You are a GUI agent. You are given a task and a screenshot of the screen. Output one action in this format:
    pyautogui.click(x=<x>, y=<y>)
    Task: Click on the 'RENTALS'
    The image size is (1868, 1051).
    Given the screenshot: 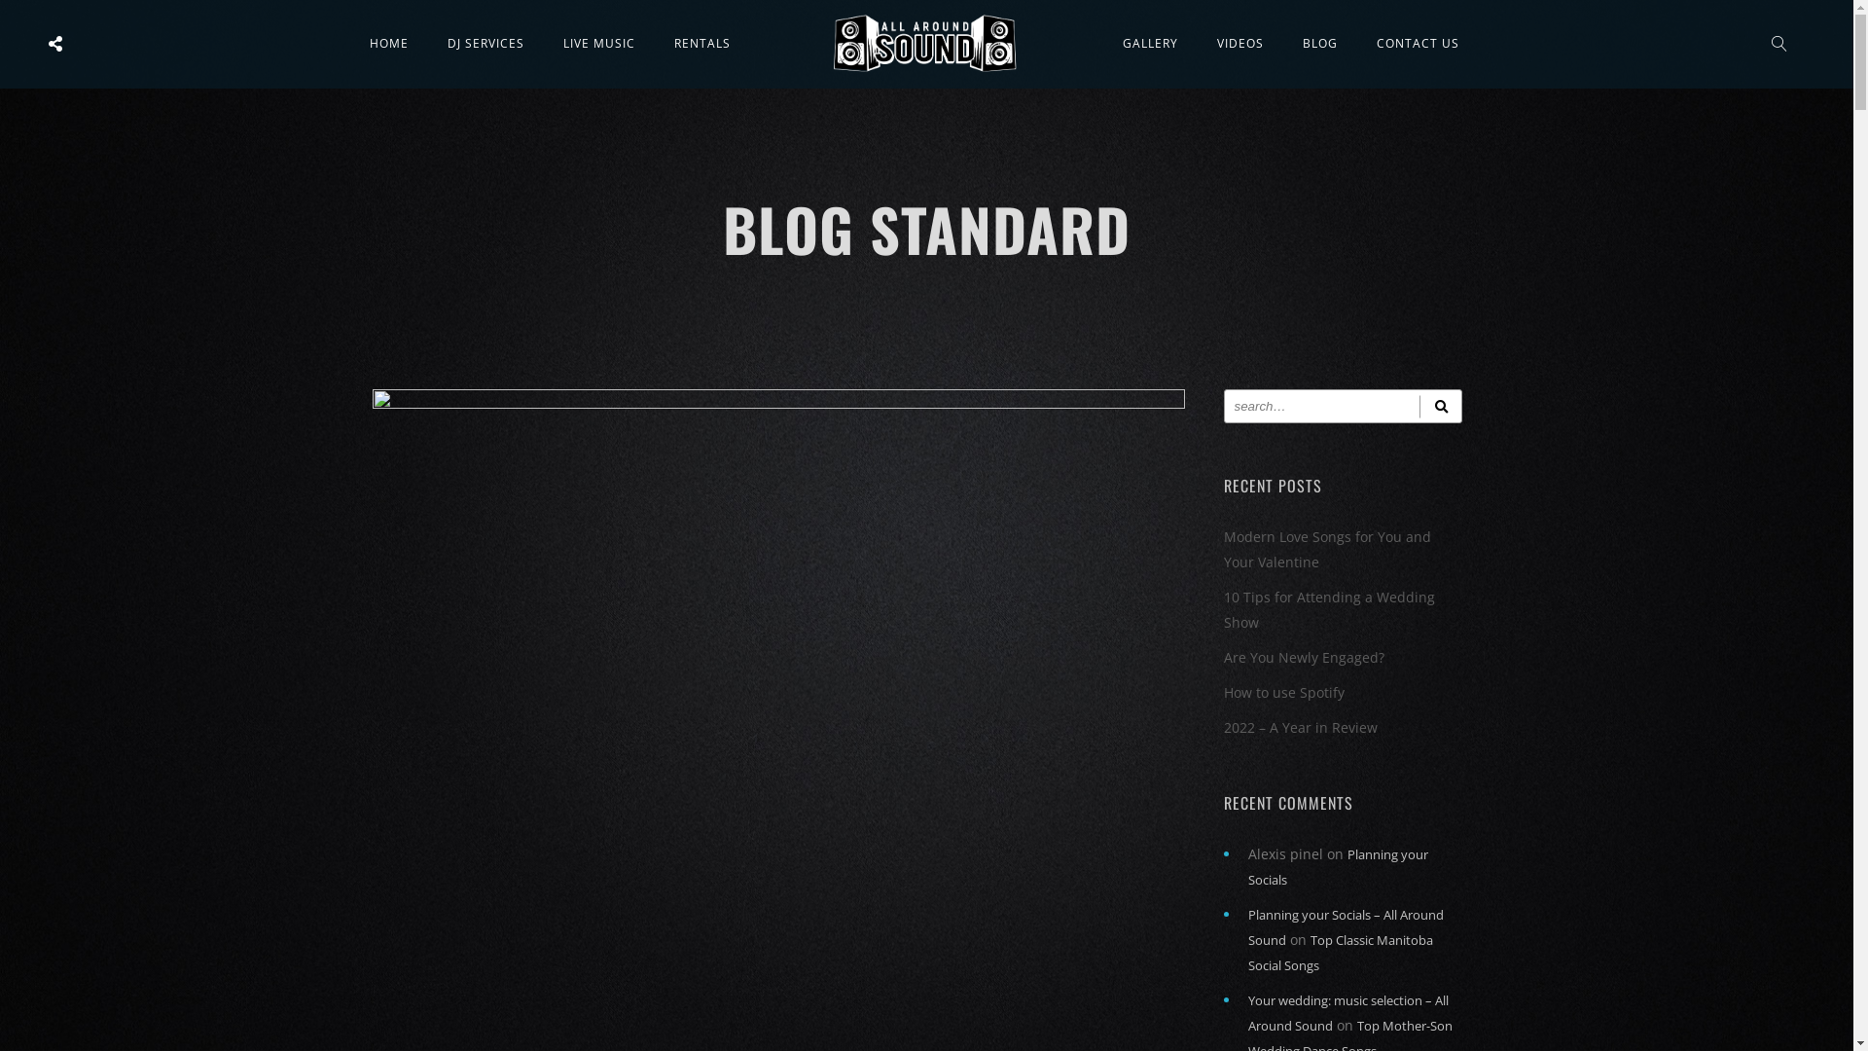 What is the action you would take?
    pyautogui.click(x=700, y=43)
    